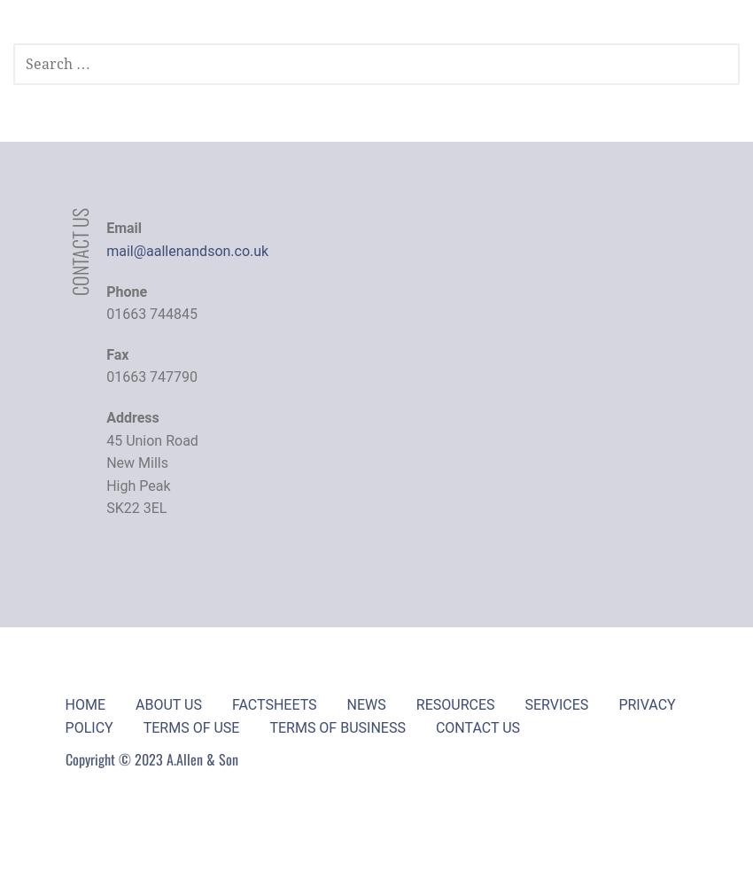 This screenshot has height=886, width=753. What do you see at coordinates (126, 290) in the screenshot?
I see `'Phone'` at bounding box center [126, 290].